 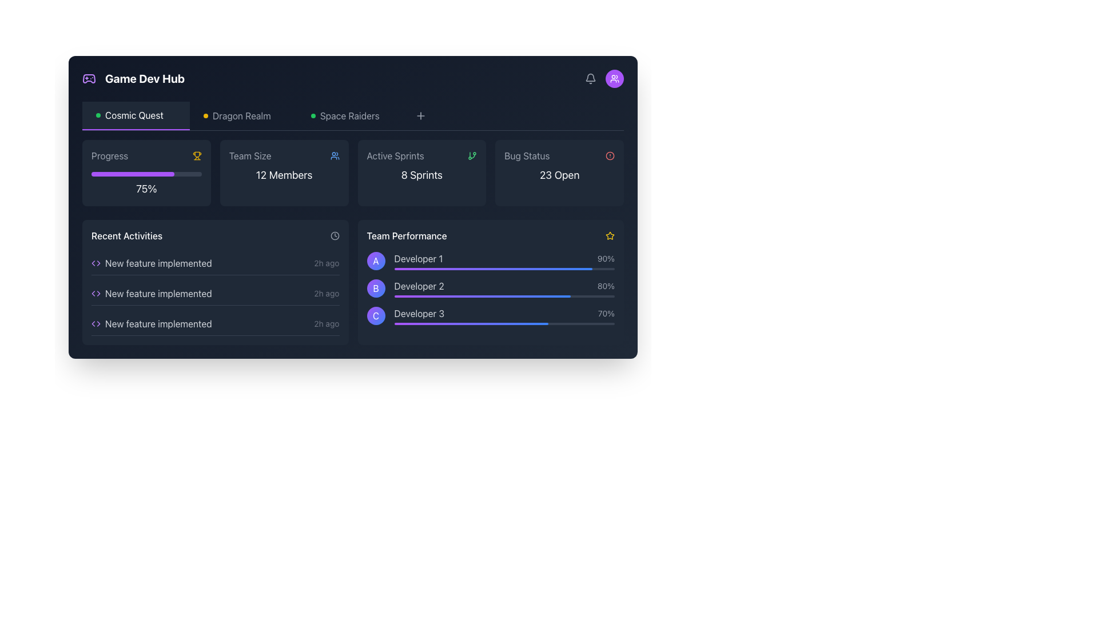 I want to click on the text label that indicates the progress status of a specific task, located in the upper-left section of the main card or panel, so click(x=110, y=156).